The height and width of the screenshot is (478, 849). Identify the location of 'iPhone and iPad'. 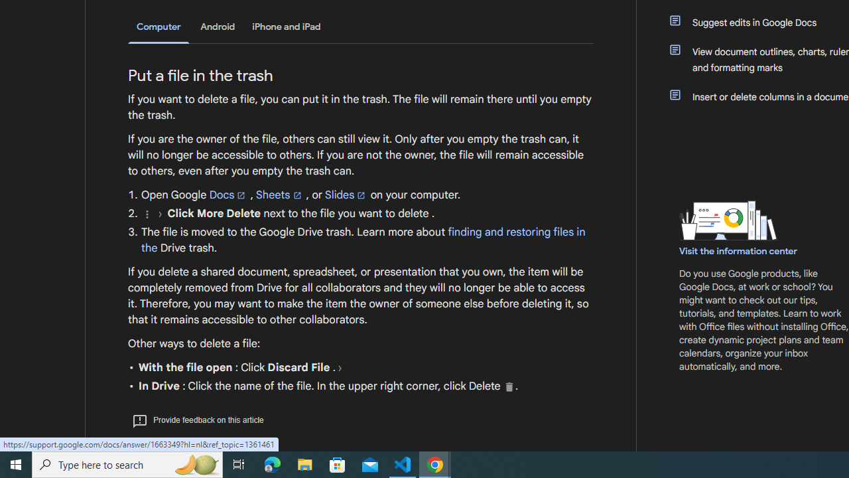
(286, 27).